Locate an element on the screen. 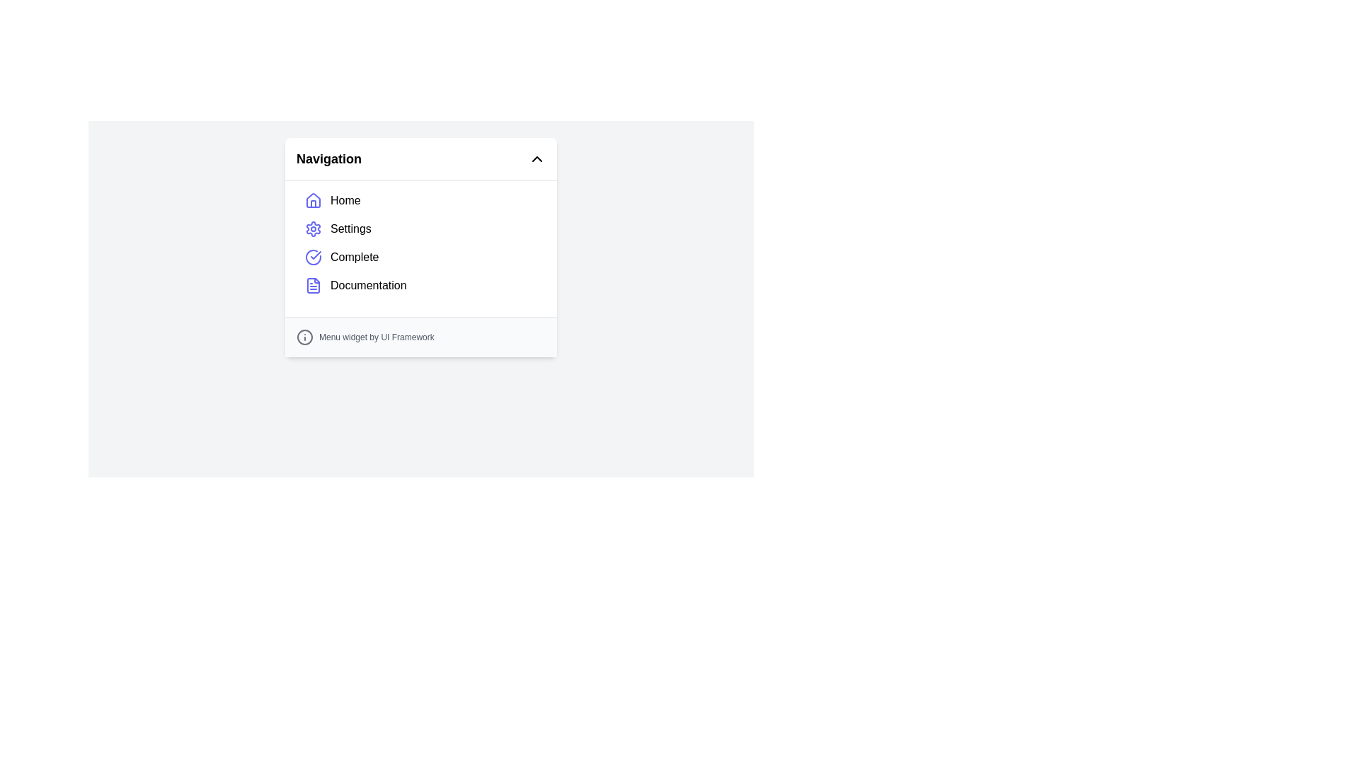  the 'Home' label in the vertical navigation menu, which is styled with a medium weight font and is aligned next to a house icon is located at coordinates (345, 201).